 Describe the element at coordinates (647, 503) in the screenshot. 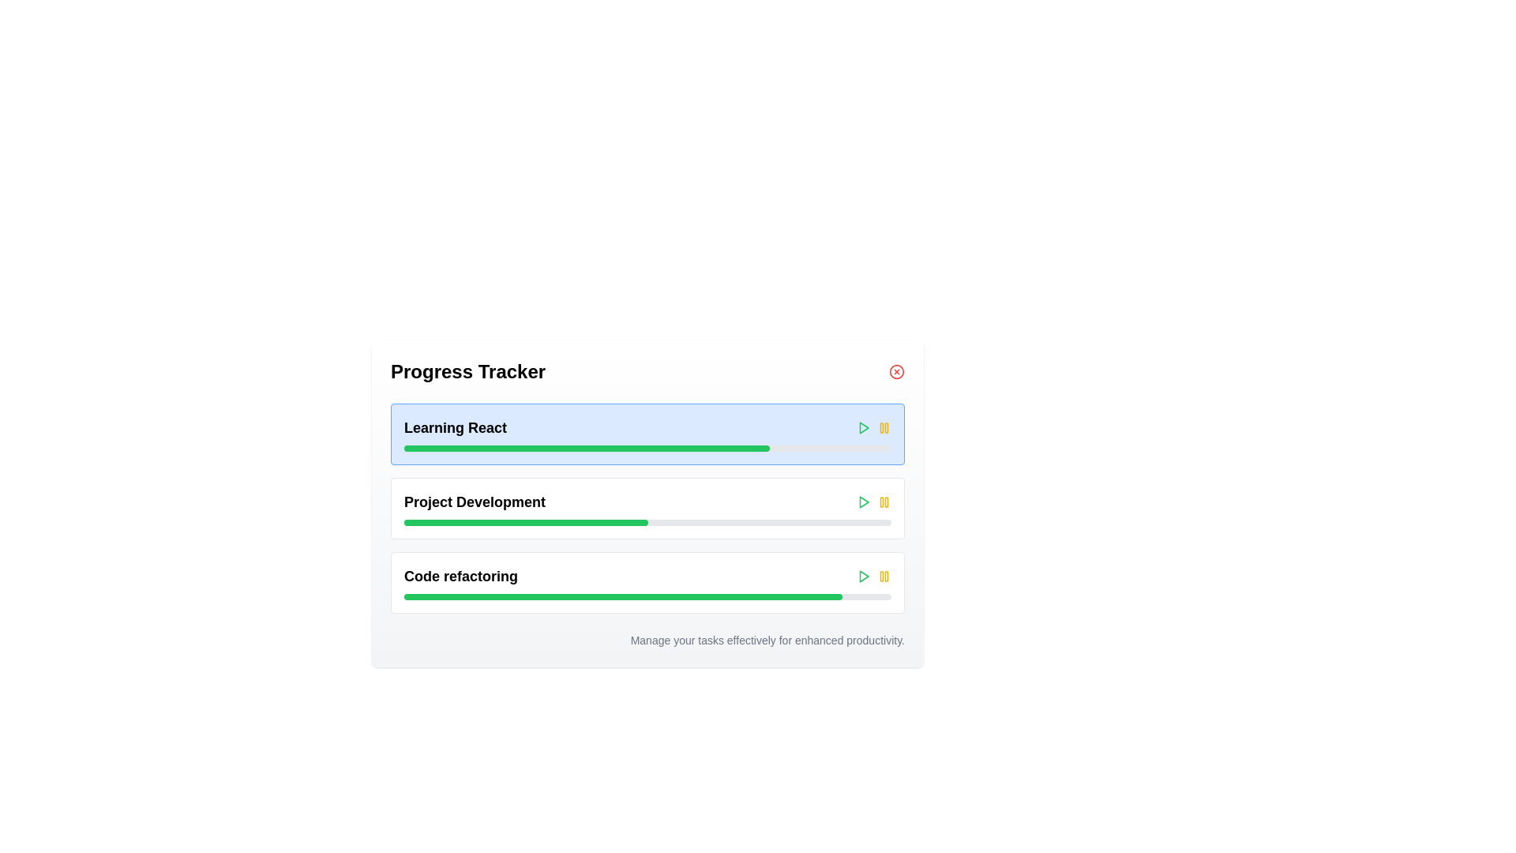

I see `the second progress bar in the progress tracker interface` at that location.